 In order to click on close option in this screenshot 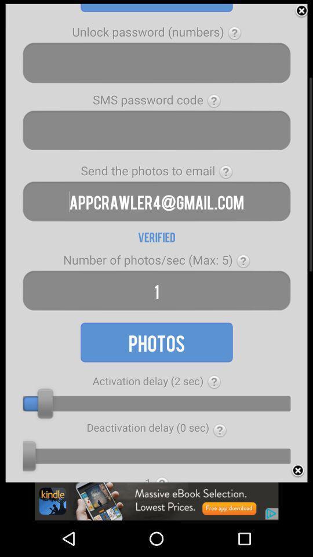, I will do `click(301, 10)`.